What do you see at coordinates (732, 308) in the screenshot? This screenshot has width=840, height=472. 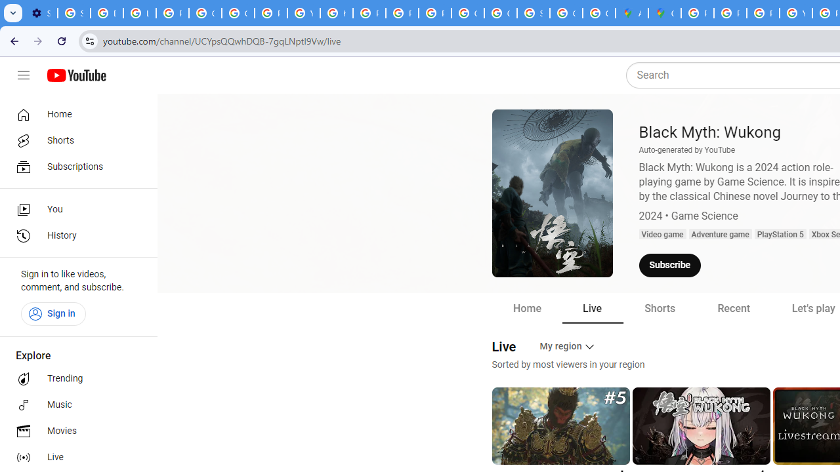 I see `'Recent'` at bounding box center [732, 308].